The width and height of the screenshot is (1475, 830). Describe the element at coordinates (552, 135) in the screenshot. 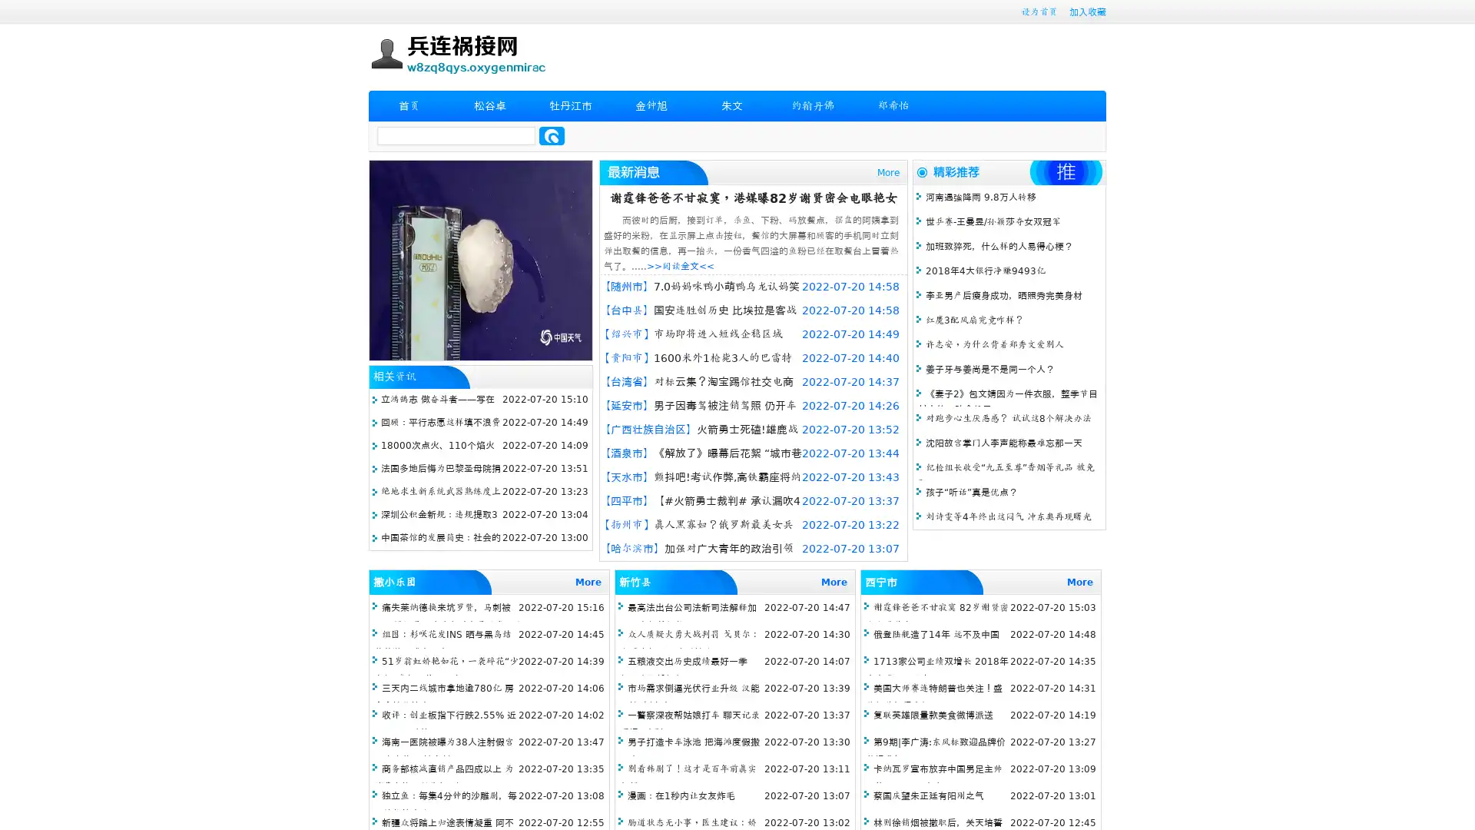

I see `Search` at that location.